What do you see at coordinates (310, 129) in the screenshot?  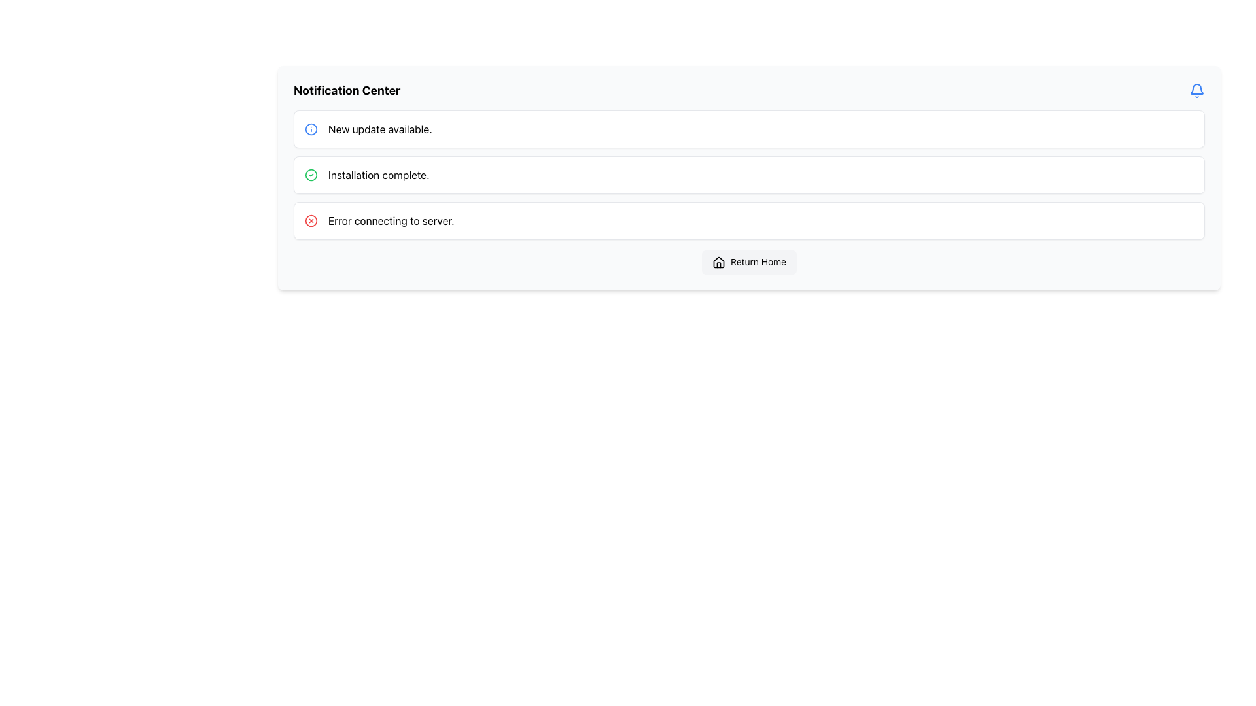 I see `the circular SVG graphic icon in the first notification entry of the notification center titled 'New update available.'` at bounding box center [310, 129].